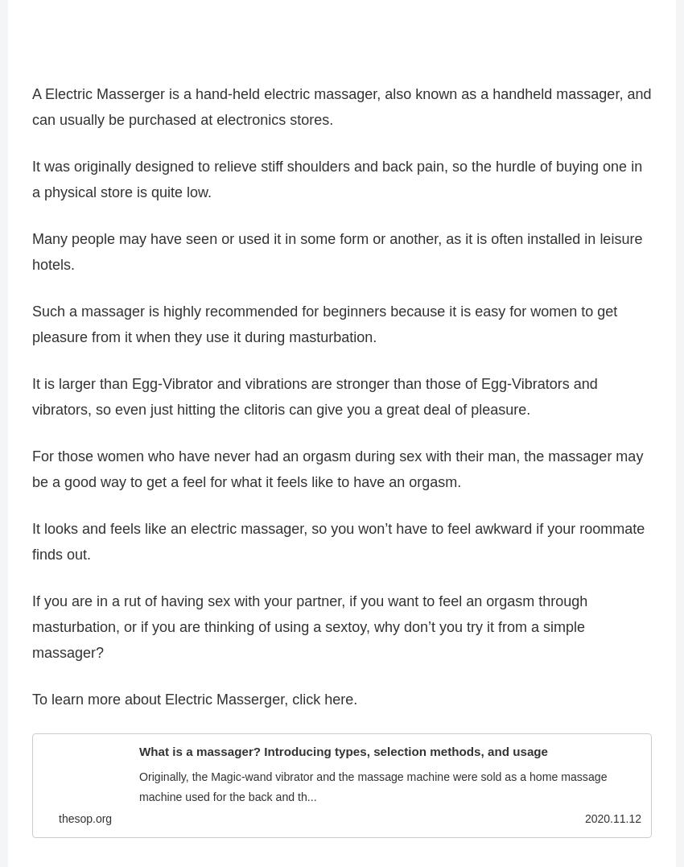 This screenshot has height=867, width=684. I want to click on 'It was originally designed to relieve stiff shoulders and back pain, so the hurdle of buying one in a physical store is quite low.', so click(336, 186).